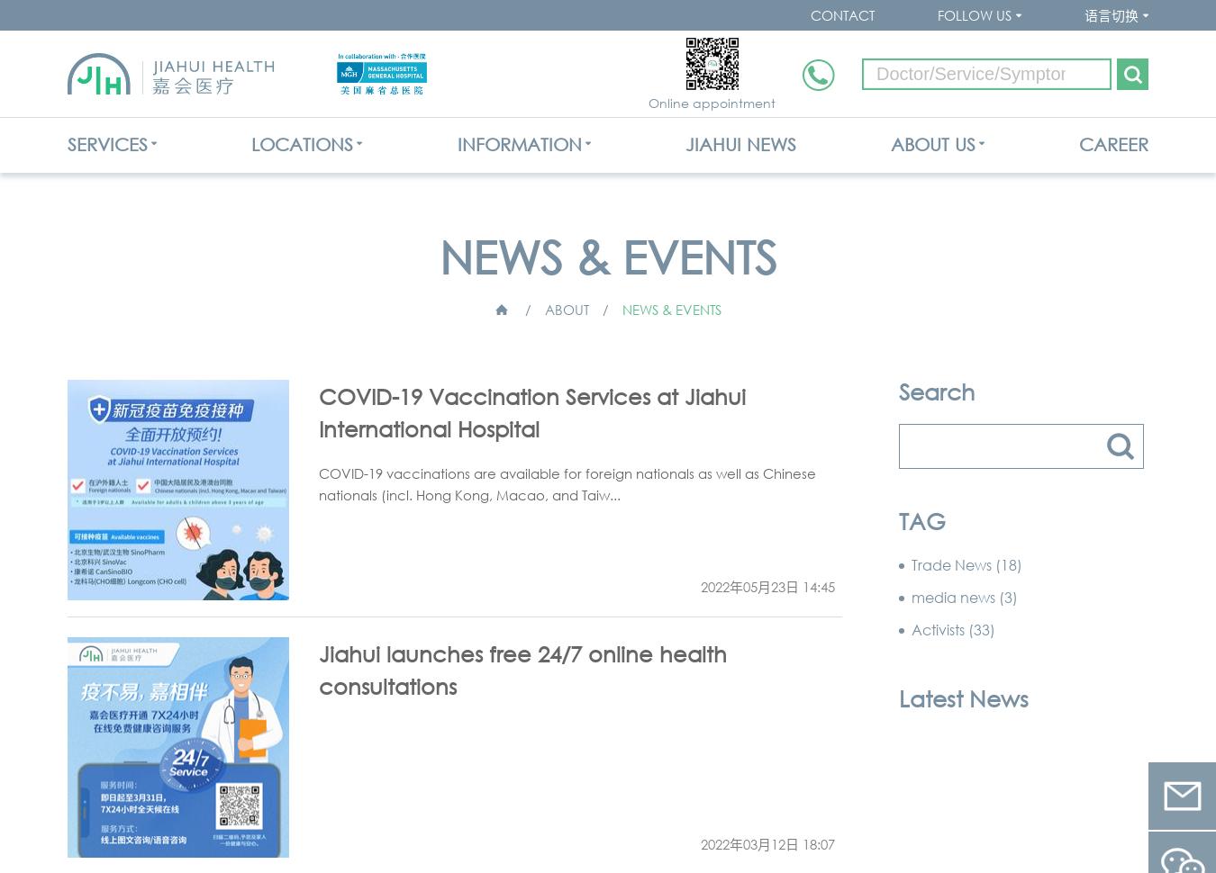  Describe the element at coordinates (898, 519) in the screenshot. I see `'TAG'` at that location.